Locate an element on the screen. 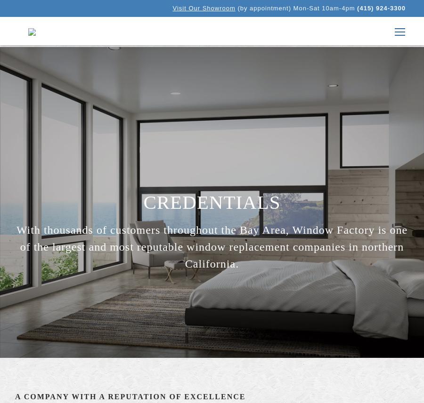 The height and width of the screenshot is (403, 424). 'Blog' is located at coordinates (329, 107).